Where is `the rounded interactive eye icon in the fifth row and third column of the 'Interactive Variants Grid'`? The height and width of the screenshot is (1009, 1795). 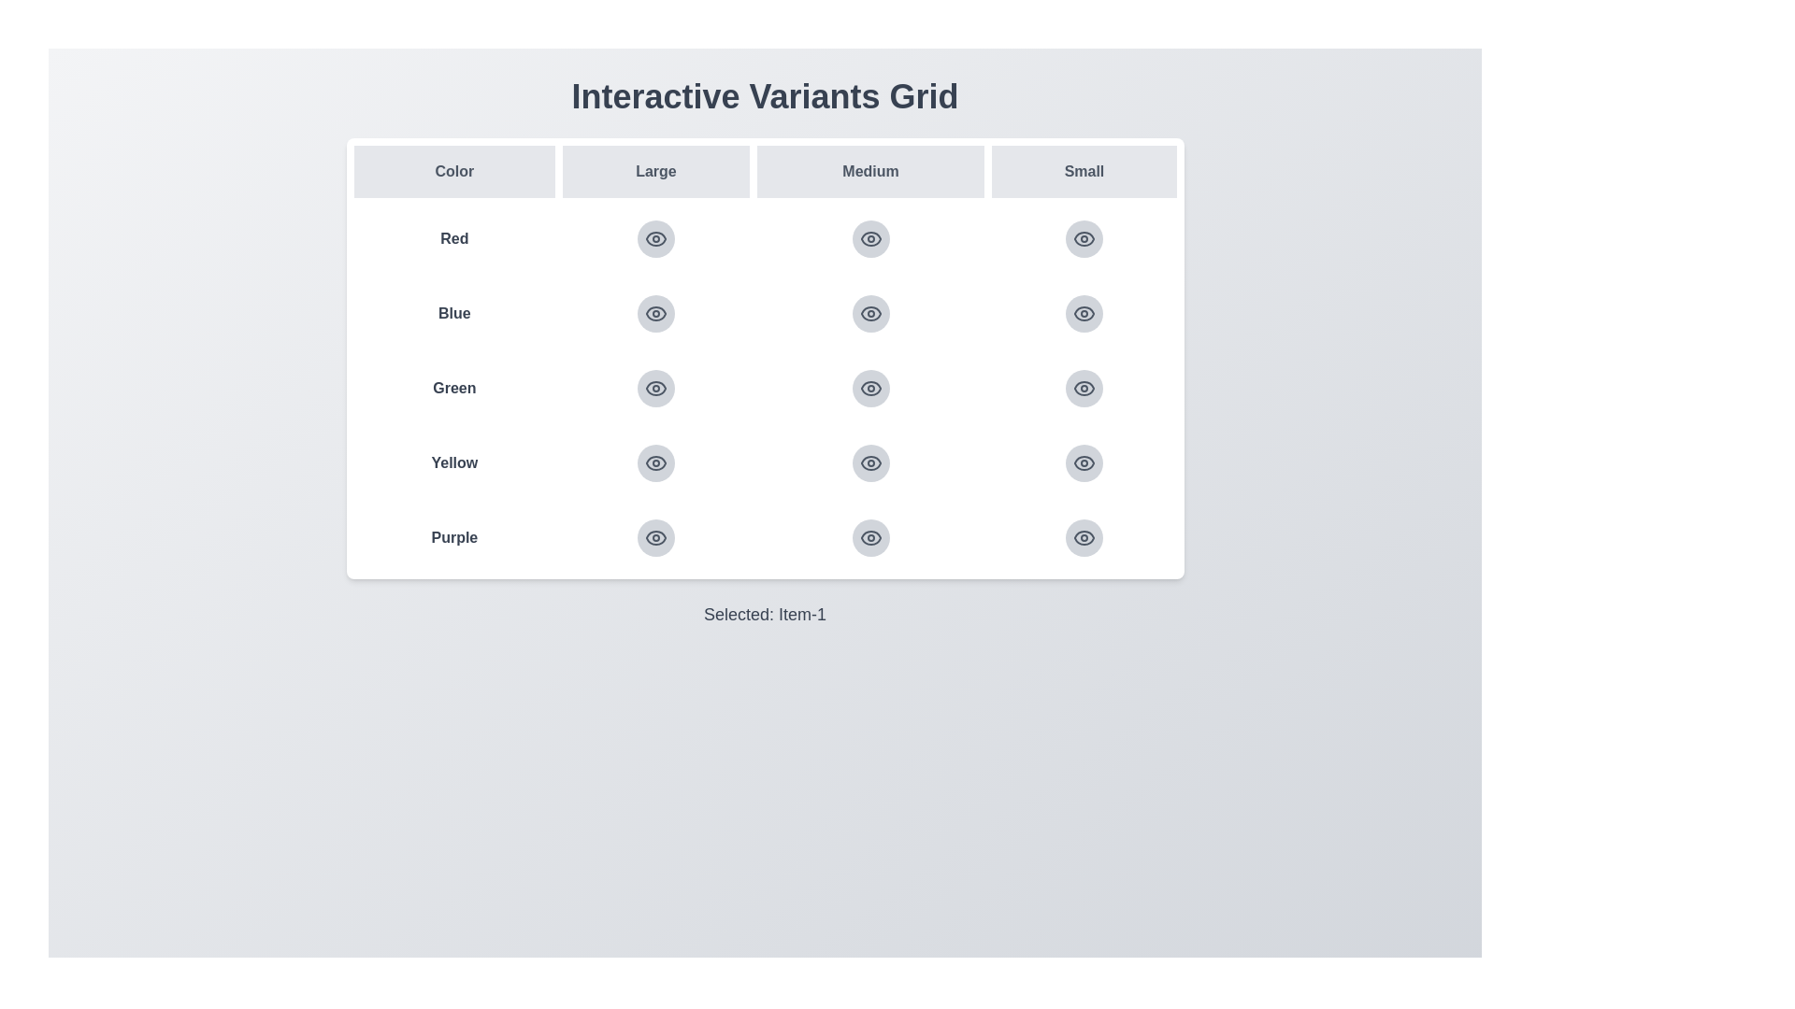
the rounded interactive eye icon in the fifth row and third column of the 'Interactive Variants Grid' is located at coordinates (1083, 537).